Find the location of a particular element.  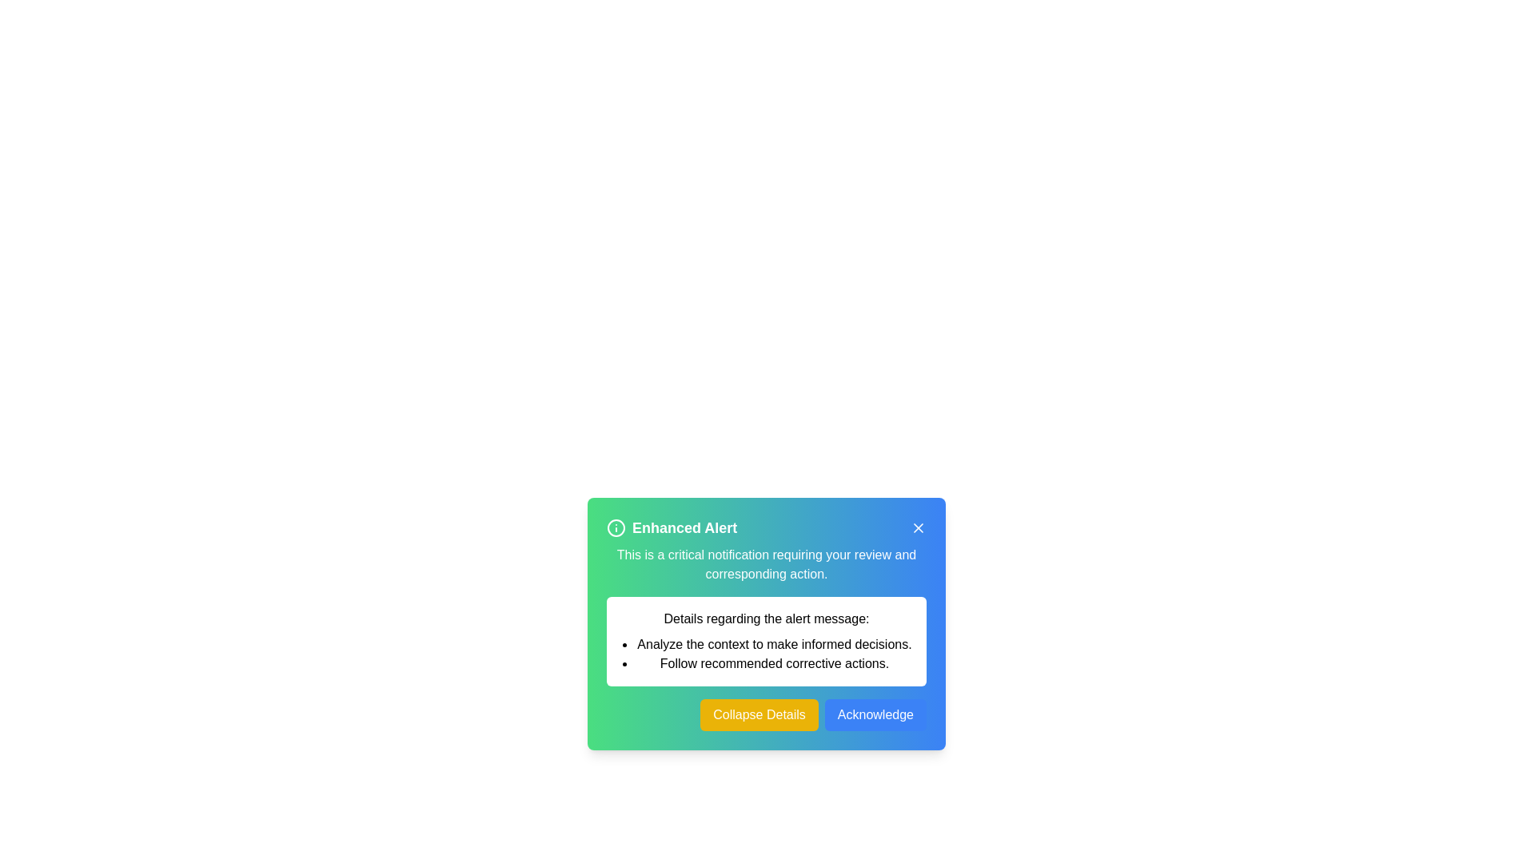

the bright yellow 'Collapse Details' button with rounded corners at the bottom-right section of the dialog box is located at coordinates (759, 714).